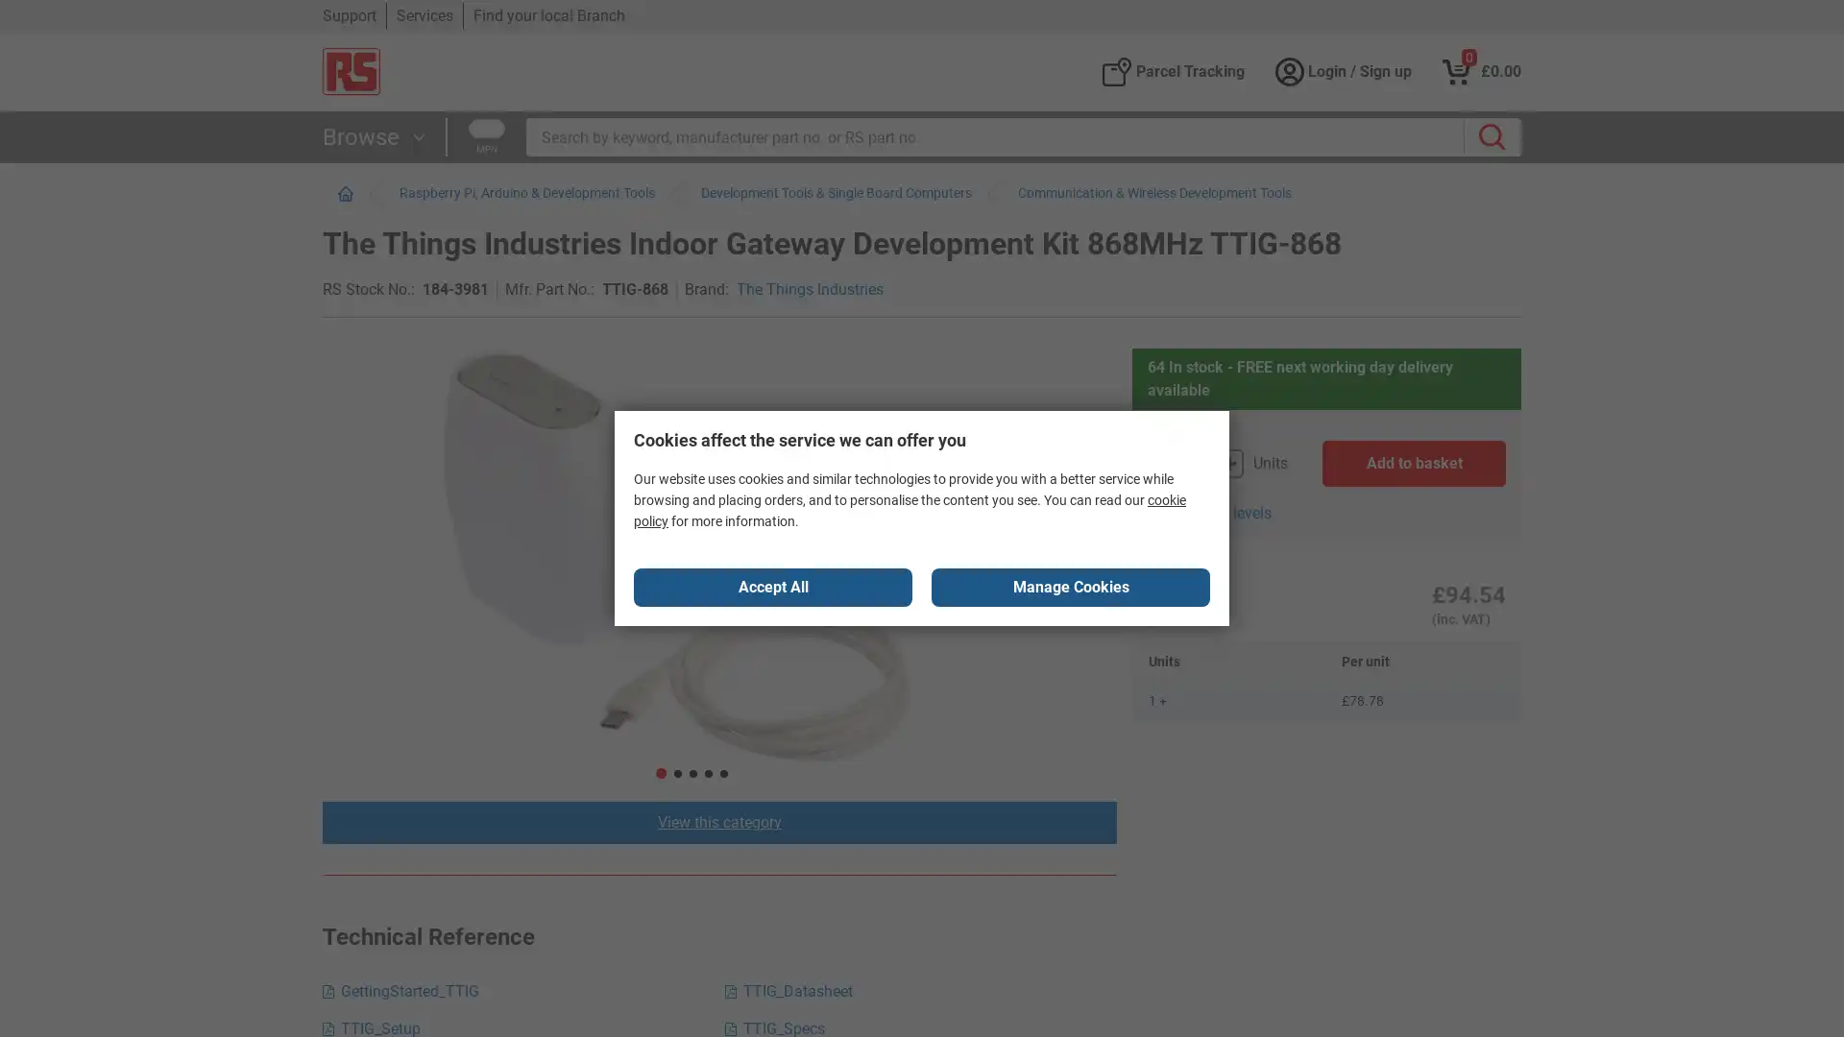  Describe the element at coordinates (1207, 513) in the screenshot. I see `Check stock levels` at that location.